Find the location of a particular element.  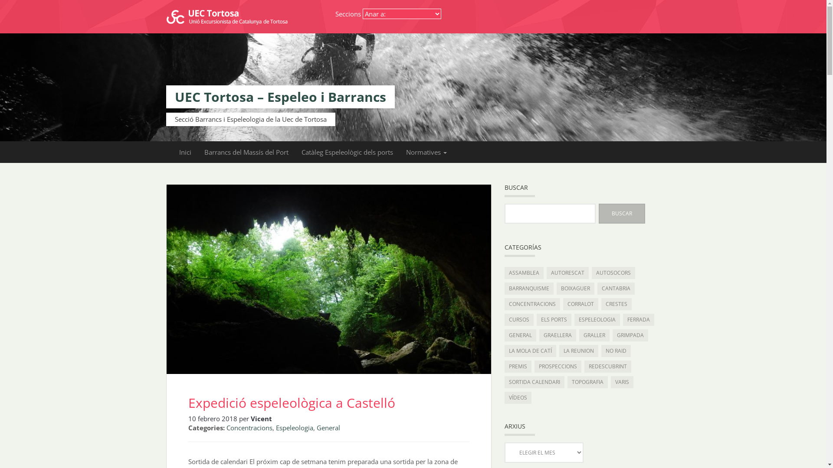

'CANTABRIA' is located at coordinates (615, 289).